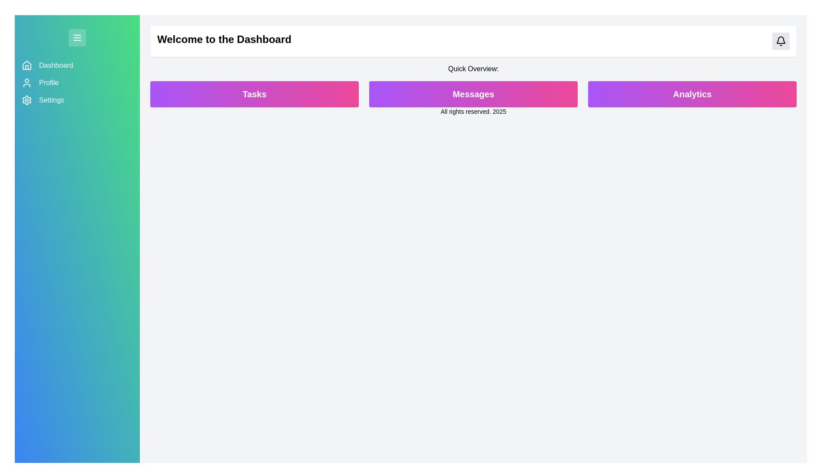 Image resolution: width=834 pixels, height=469 pixels. I want to click on the text label that reads 'Analytics', styled in bold, extra-large white font on a gradient background from purple to pink, so click(692, 94).